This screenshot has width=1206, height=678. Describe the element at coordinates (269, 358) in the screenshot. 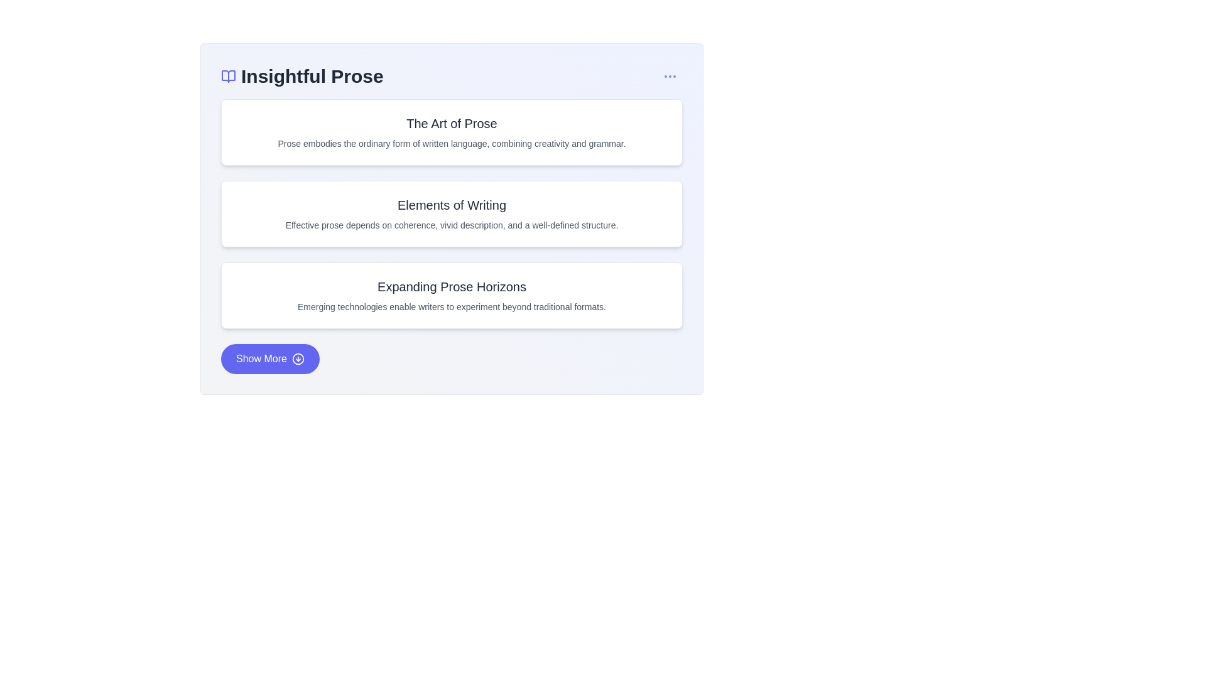

I see `the 'Show More' button located at the bottom center of the 'Insightful Prose' content area` at that location.